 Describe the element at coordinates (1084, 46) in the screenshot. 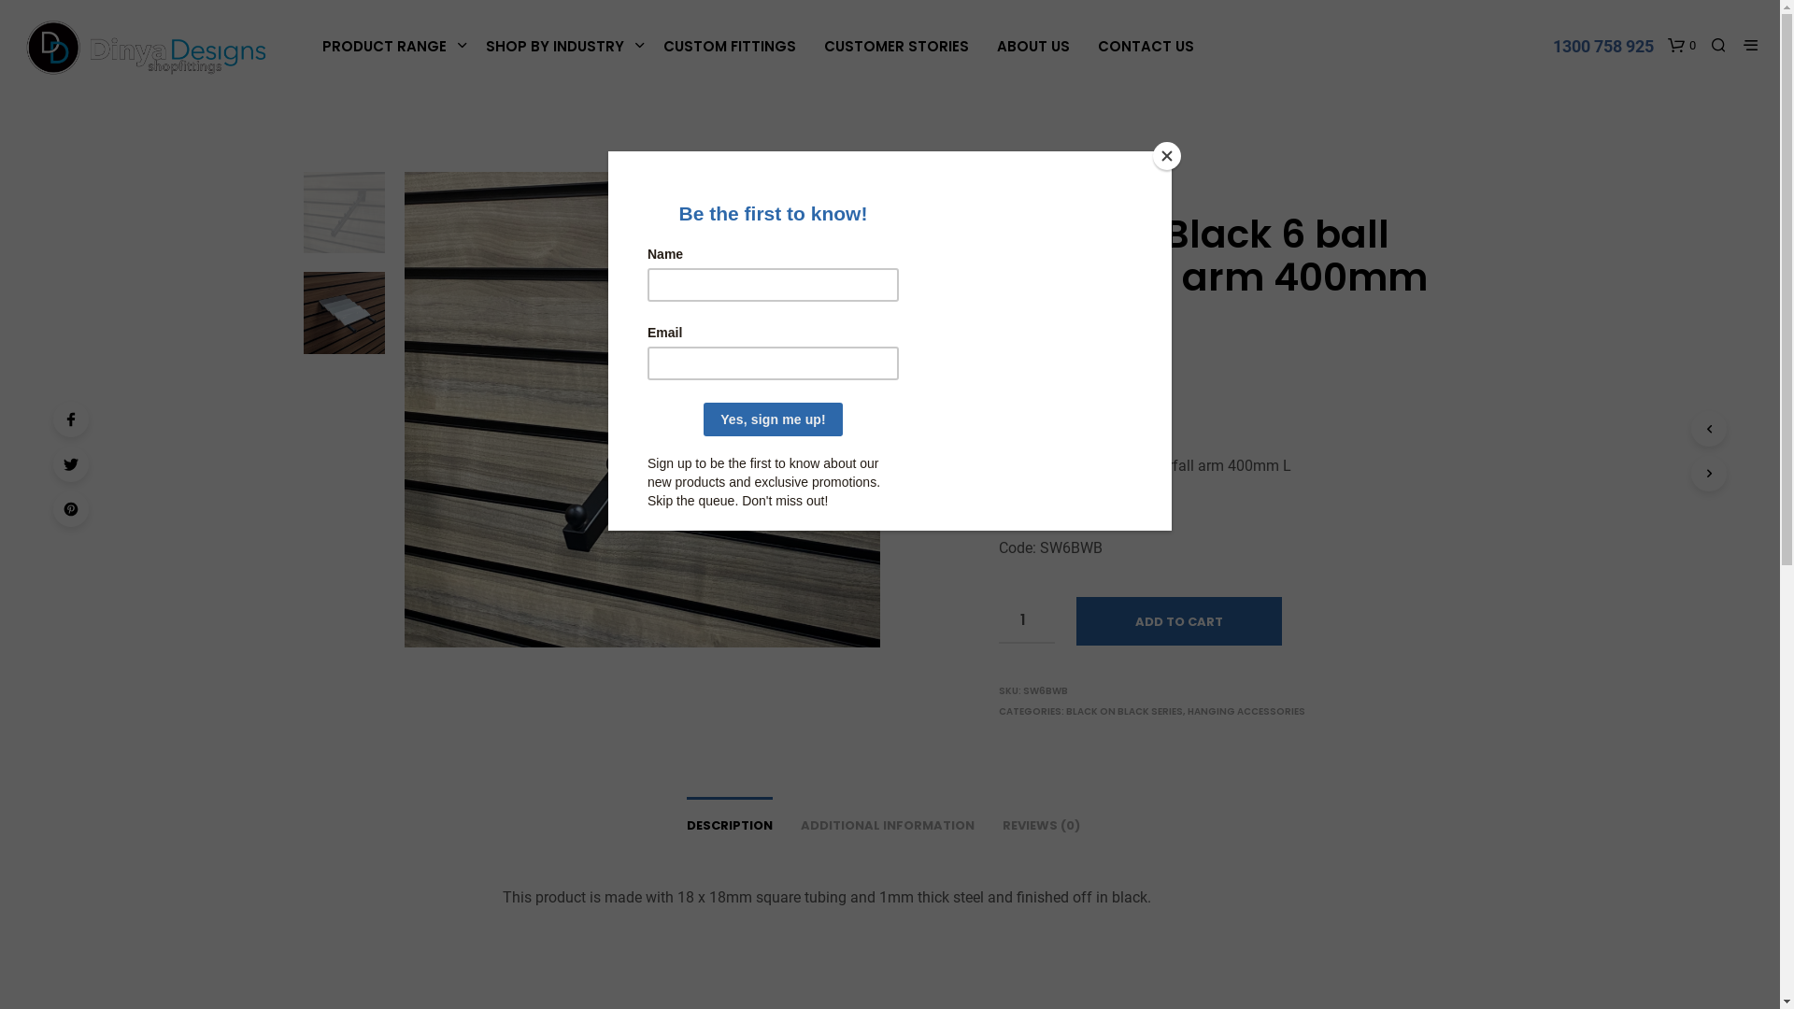

I see `'CONTACT US'` at that location.